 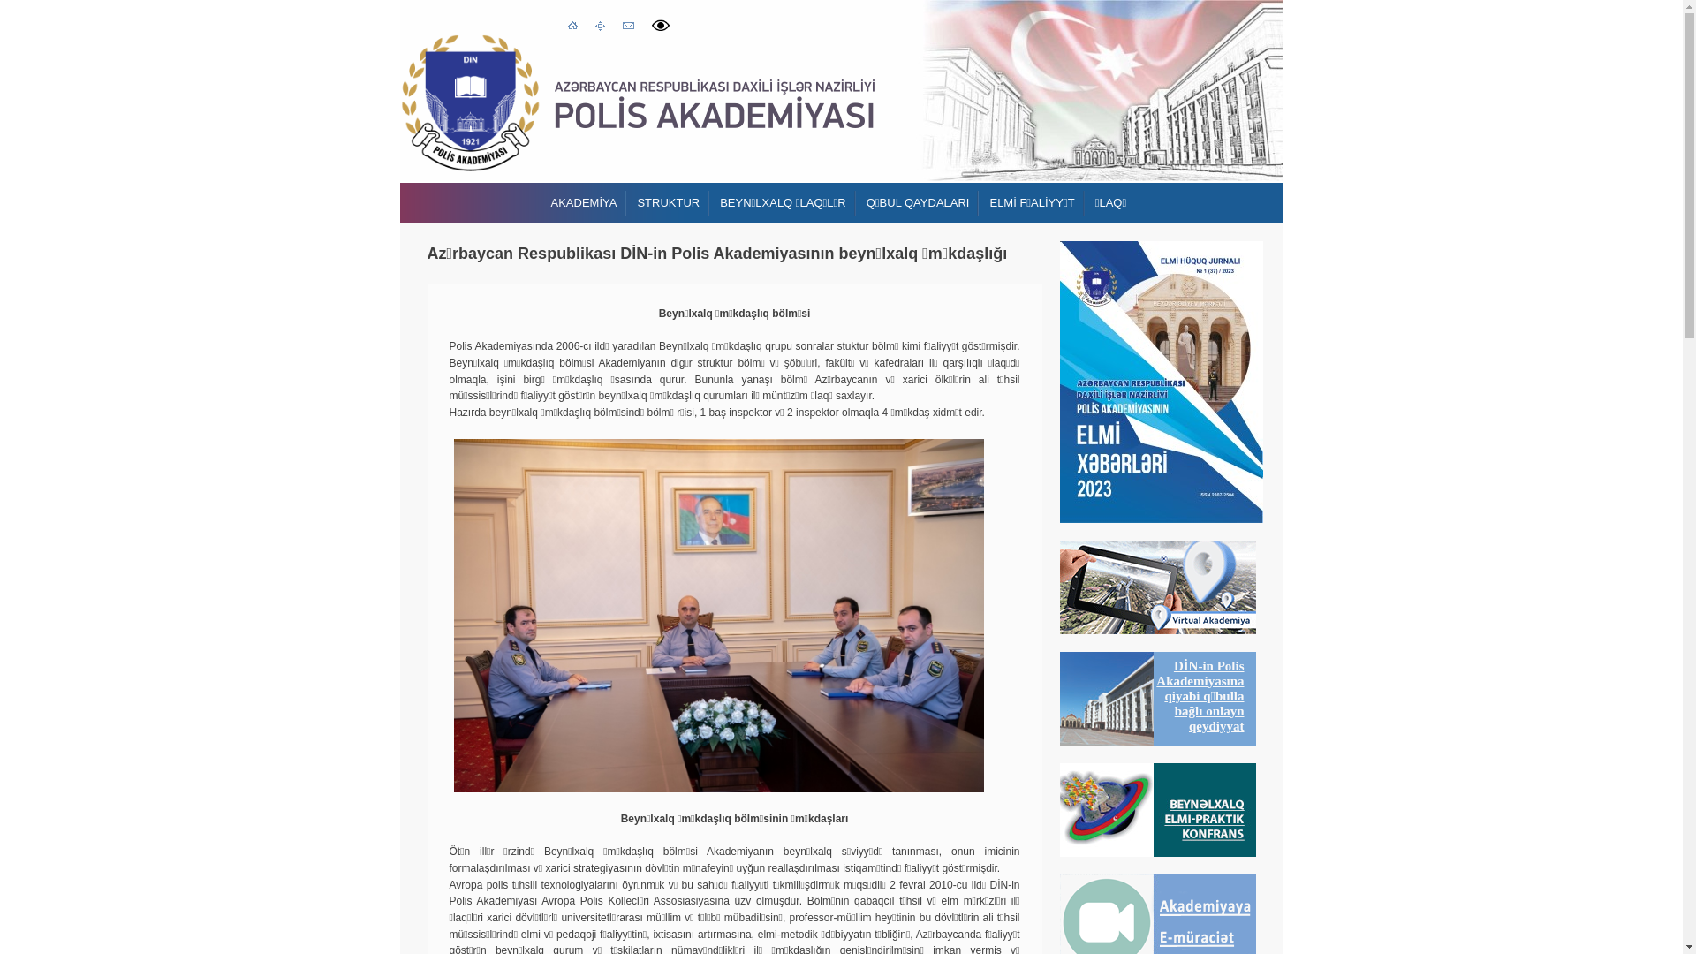 What do you see at coordinates (667, 202) in the screenshot?
I see `'STRUKTUR'` at bounding box center [667, 202].